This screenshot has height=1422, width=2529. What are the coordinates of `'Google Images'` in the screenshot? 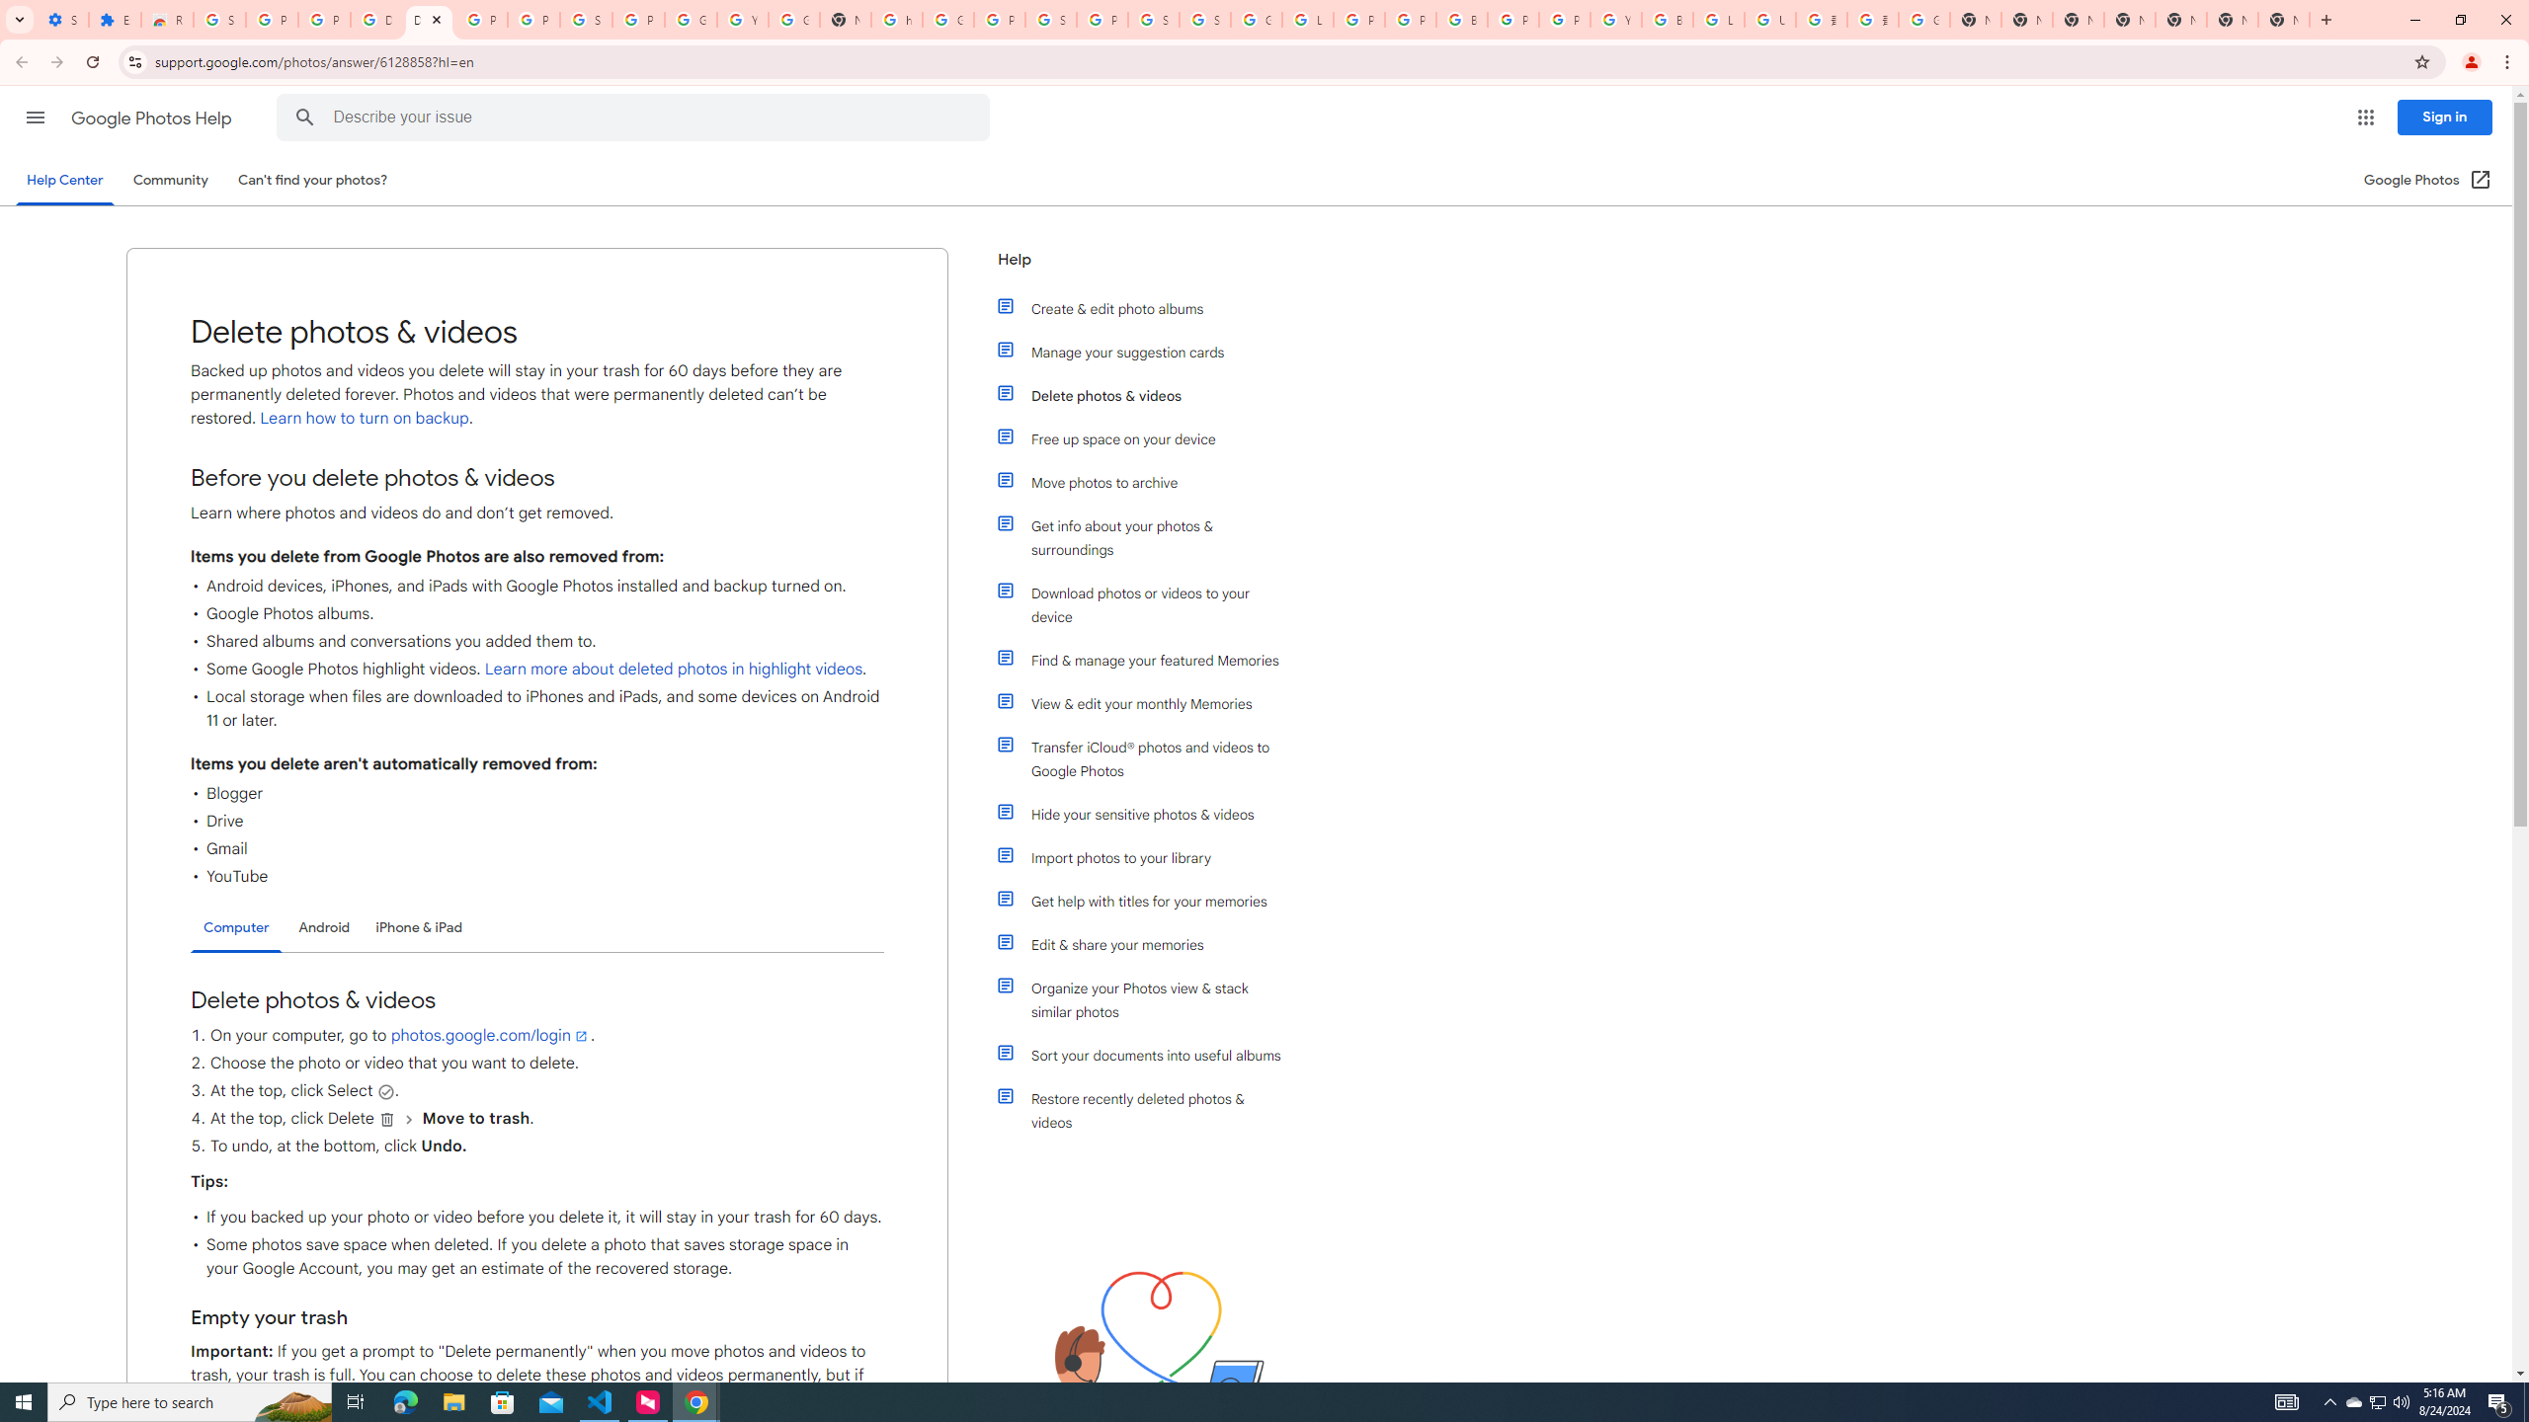 It's located at (1924, 19).